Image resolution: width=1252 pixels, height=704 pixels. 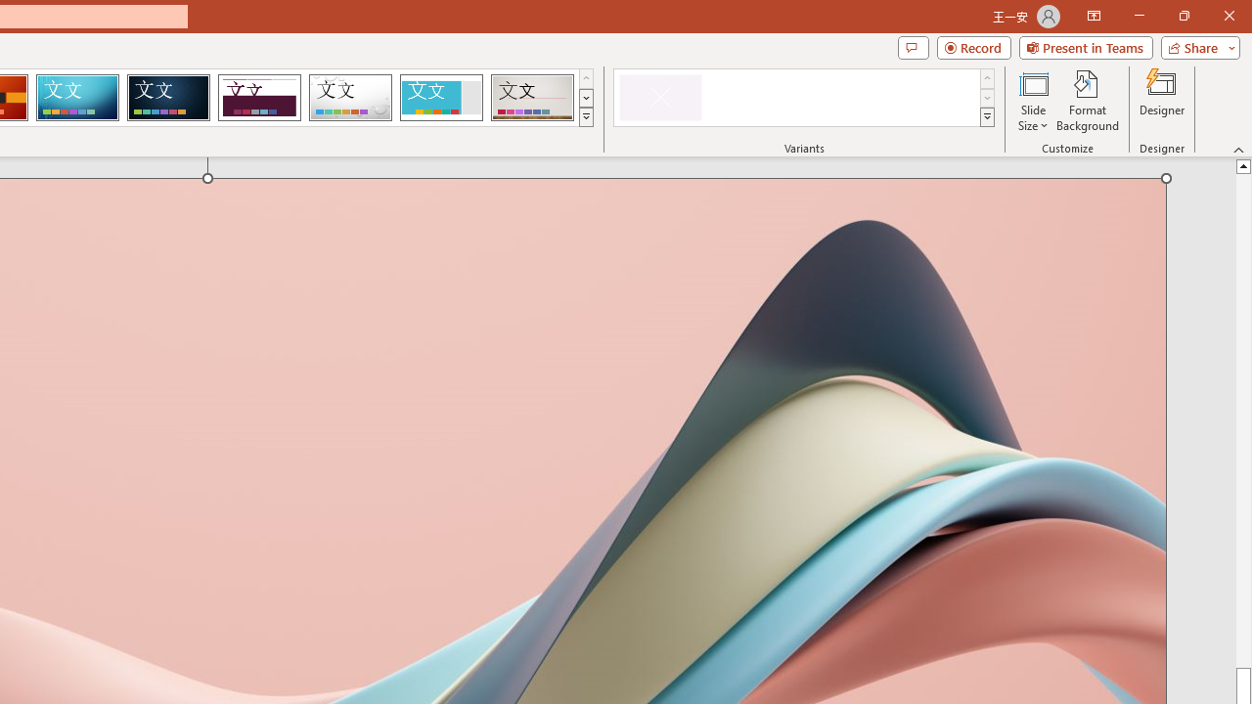 I want to click on 'Format Background', so click(x=1087, y=101).